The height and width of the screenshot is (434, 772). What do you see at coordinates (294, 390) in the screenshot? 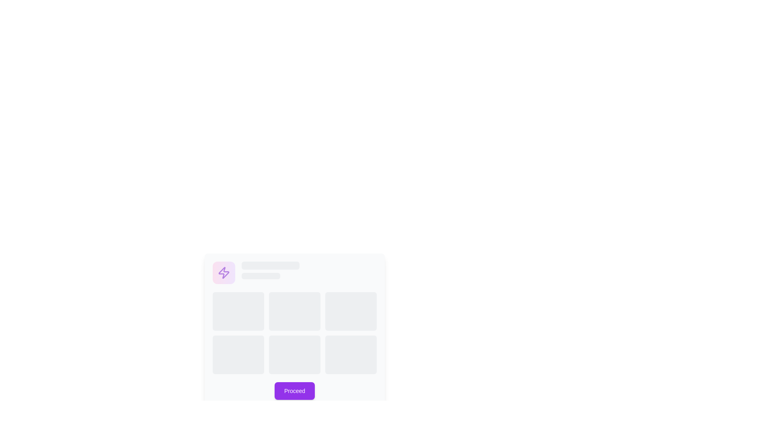
I see `the button with a purple background and white text reading 'Proceed'` at bounding box center [294, 390].